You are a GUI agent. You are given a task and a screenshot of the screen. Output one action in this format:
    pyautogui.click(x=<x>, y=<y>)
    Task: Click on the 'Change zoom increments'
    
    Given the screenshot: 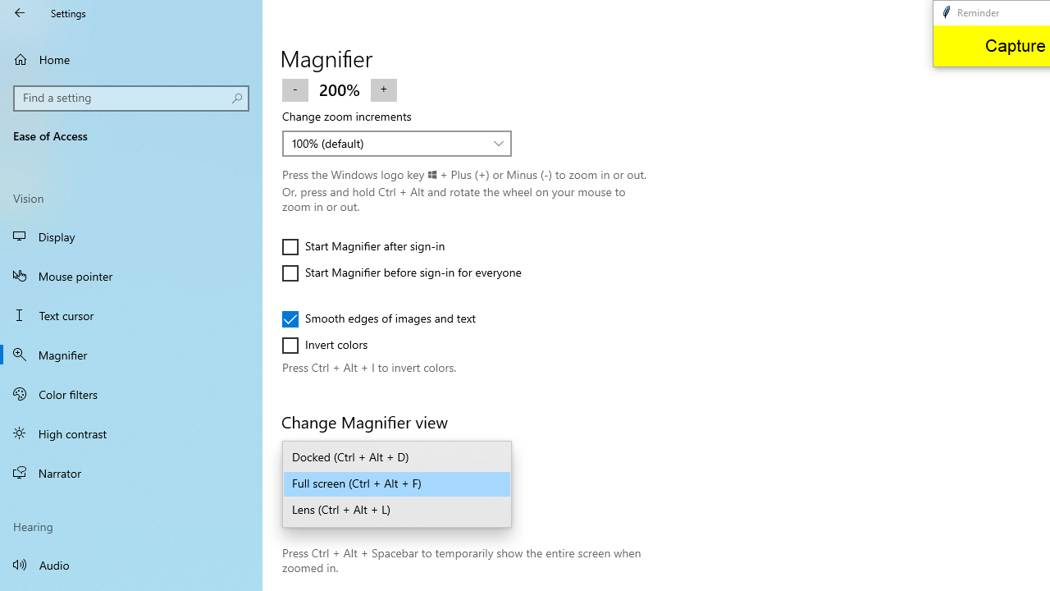 What is the action you would take?
    pyautogui.click(x=397, y=142)
    